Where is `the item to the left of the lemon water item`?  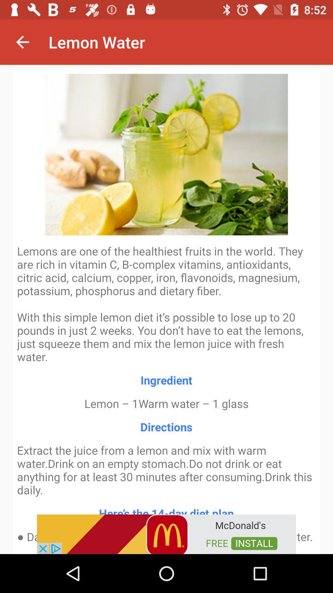 the item to the left of the lemon water item is located at coordinates (22, 42).